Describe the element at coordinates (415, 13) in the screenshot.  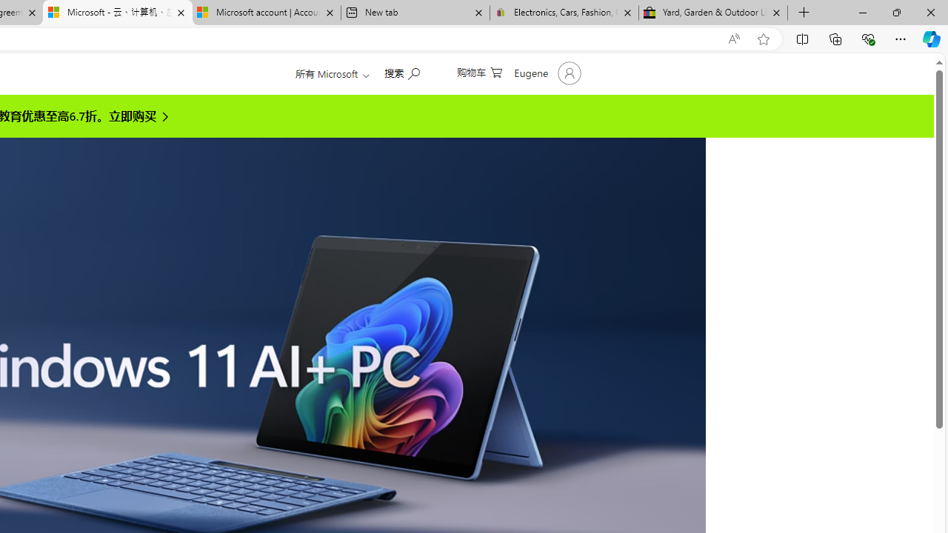
I see `'New tab'` at that location.